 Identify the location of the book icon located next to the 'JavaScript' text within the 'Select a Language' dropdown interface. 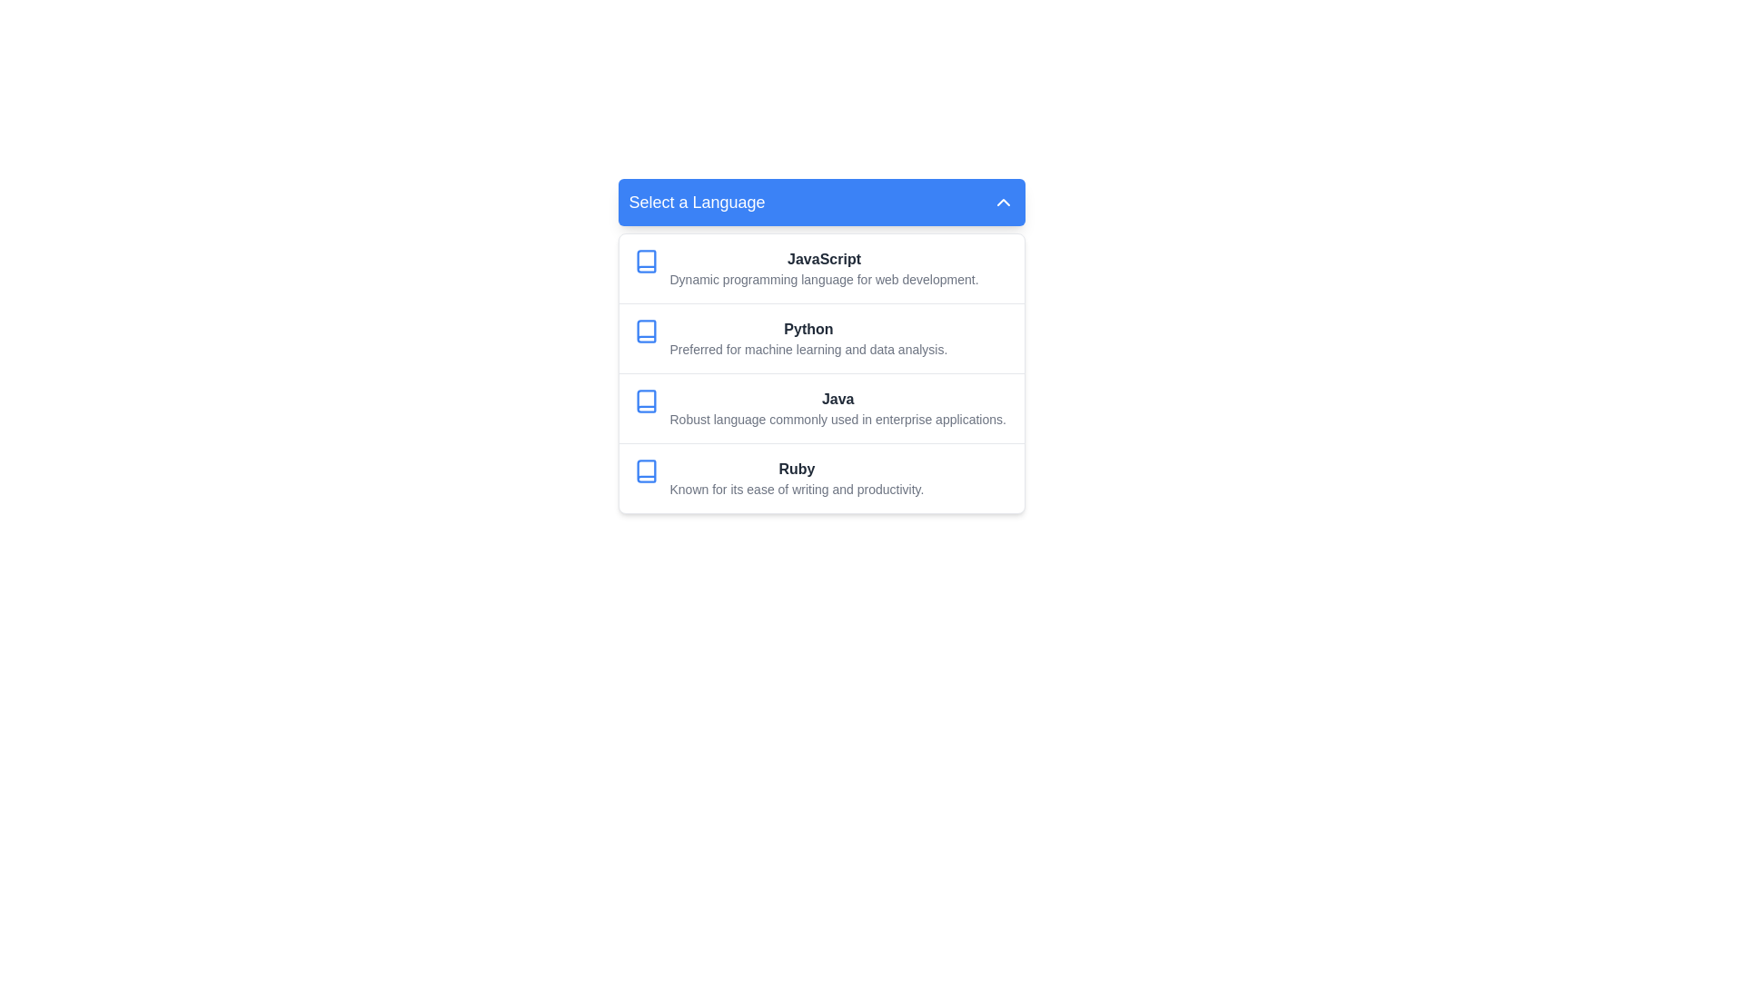
(646, 262).